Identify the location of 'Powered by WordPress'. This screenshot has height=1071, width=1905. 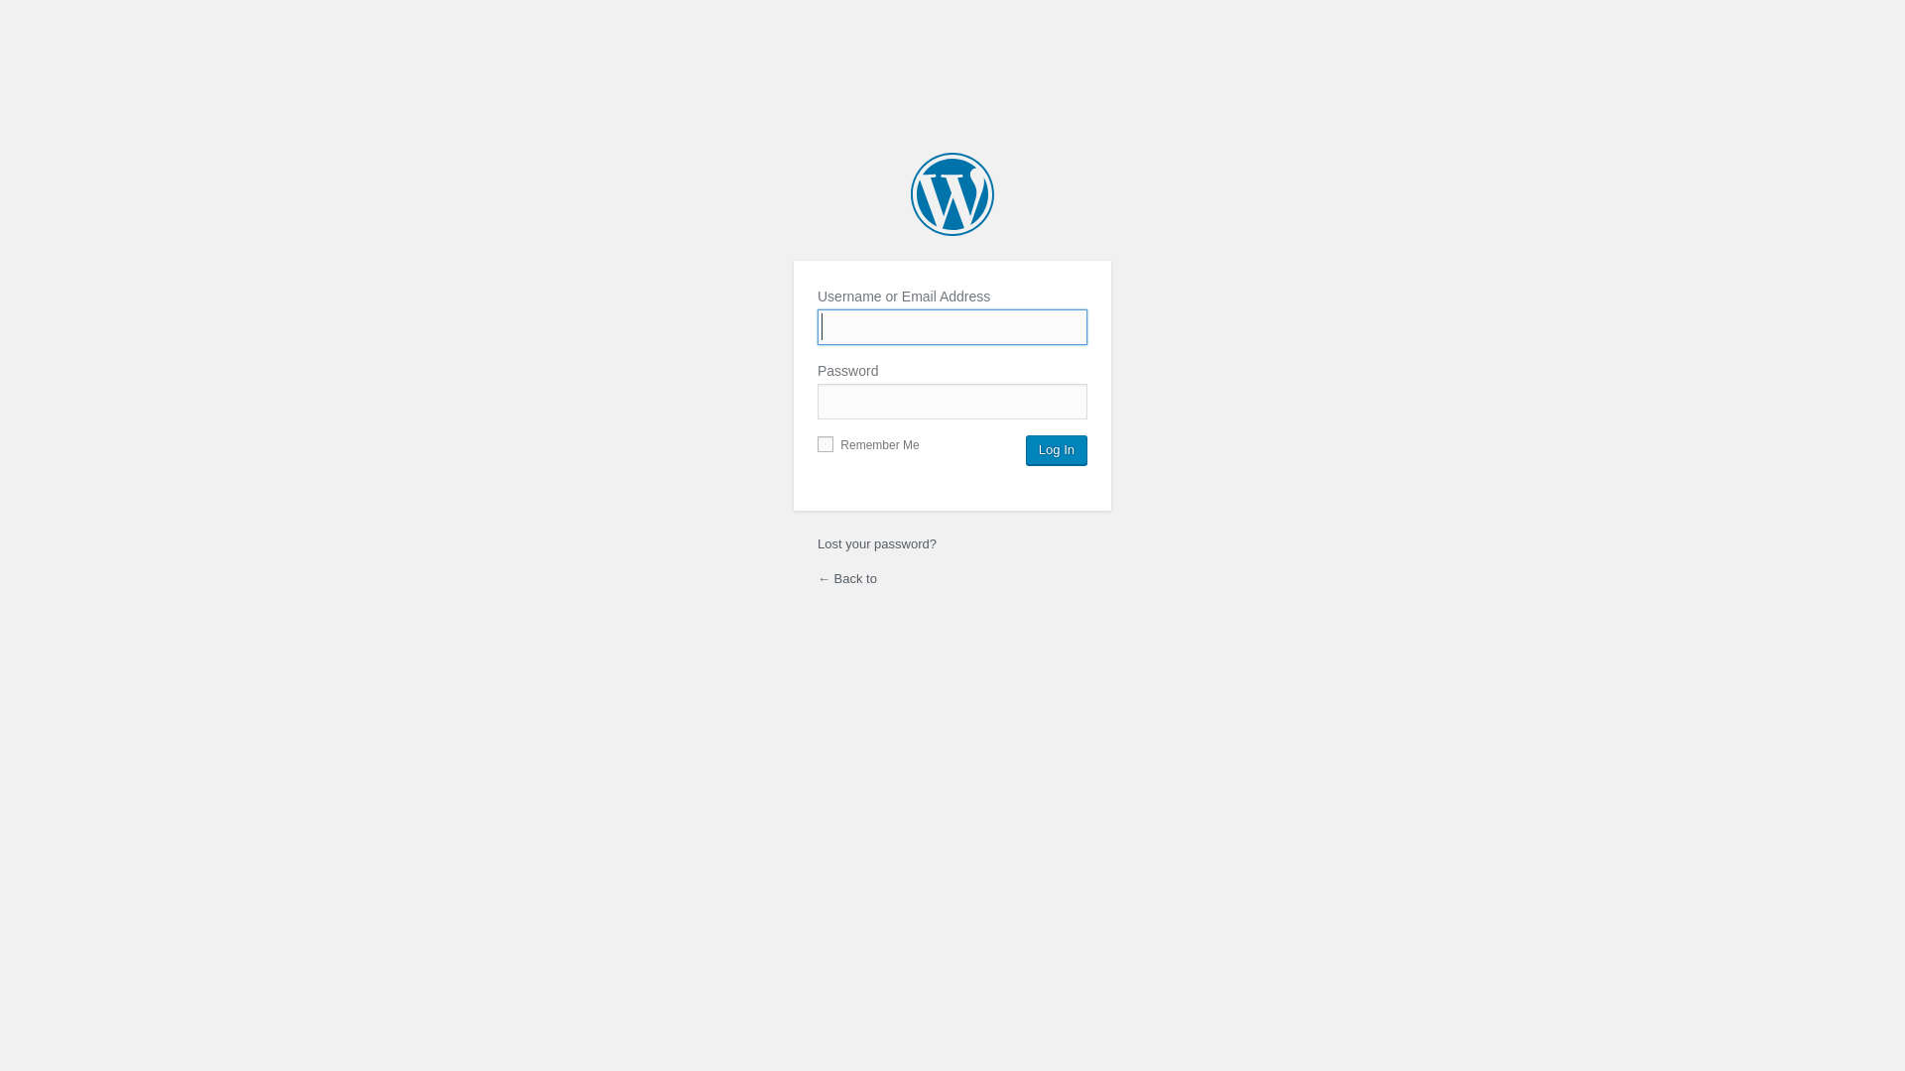
(909, 194).